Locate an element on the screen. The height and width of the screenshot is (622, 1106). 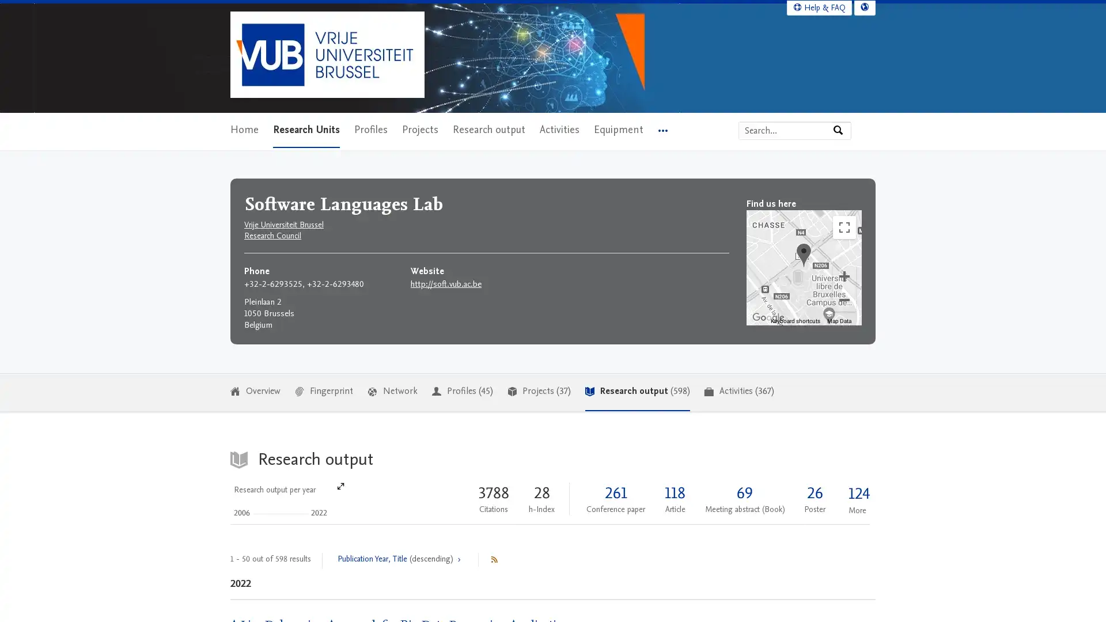
Zoom out is located at coordinates (844, 299).